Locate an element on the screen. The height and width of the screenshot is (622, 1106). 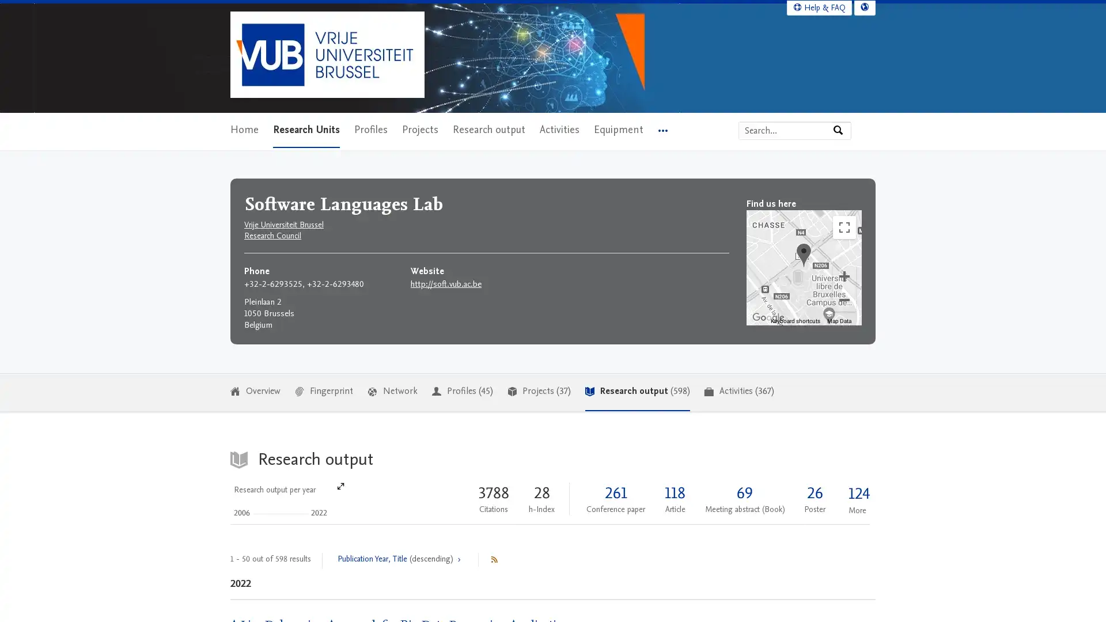
Zoom out is located at coordinates (844, 299).